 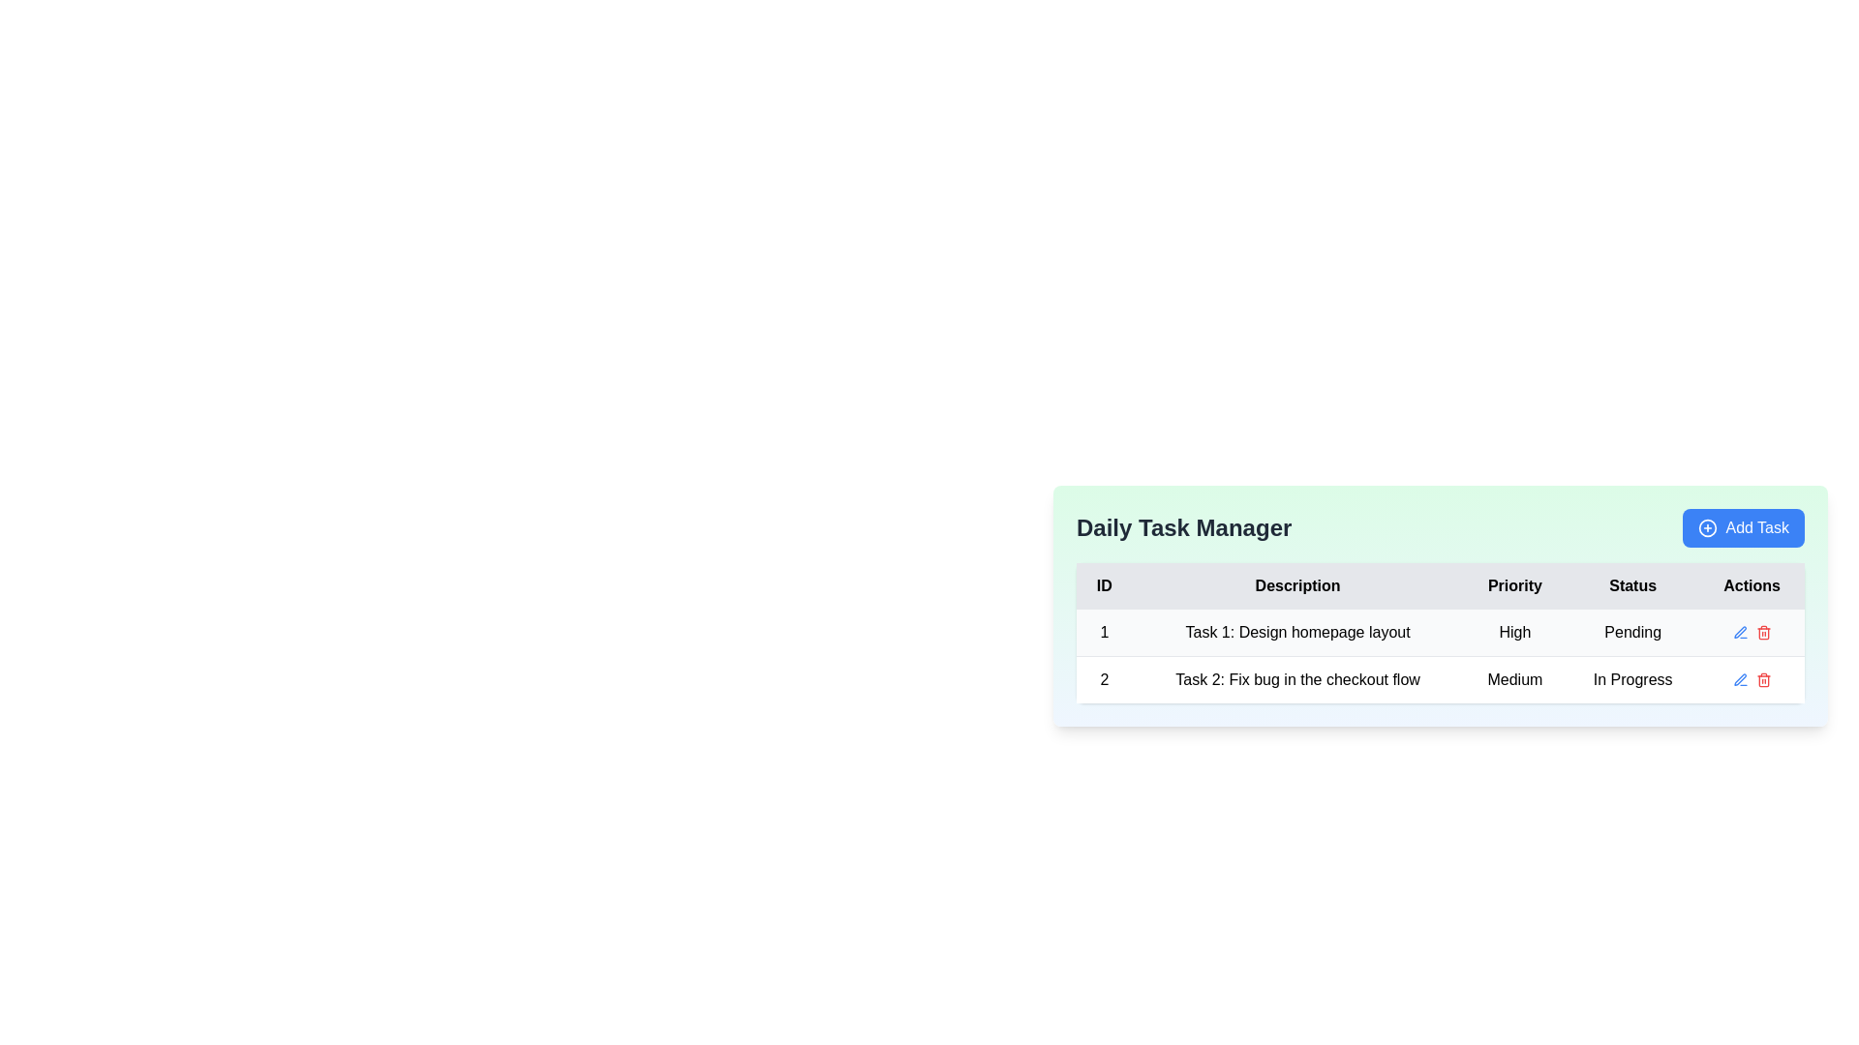 I want to click on the text label displaying the numeral '2' in the 'ID' column of the 'Daily Task Manager' table, which is centered within a small rectangular cell, so click(x=1104, y=678).